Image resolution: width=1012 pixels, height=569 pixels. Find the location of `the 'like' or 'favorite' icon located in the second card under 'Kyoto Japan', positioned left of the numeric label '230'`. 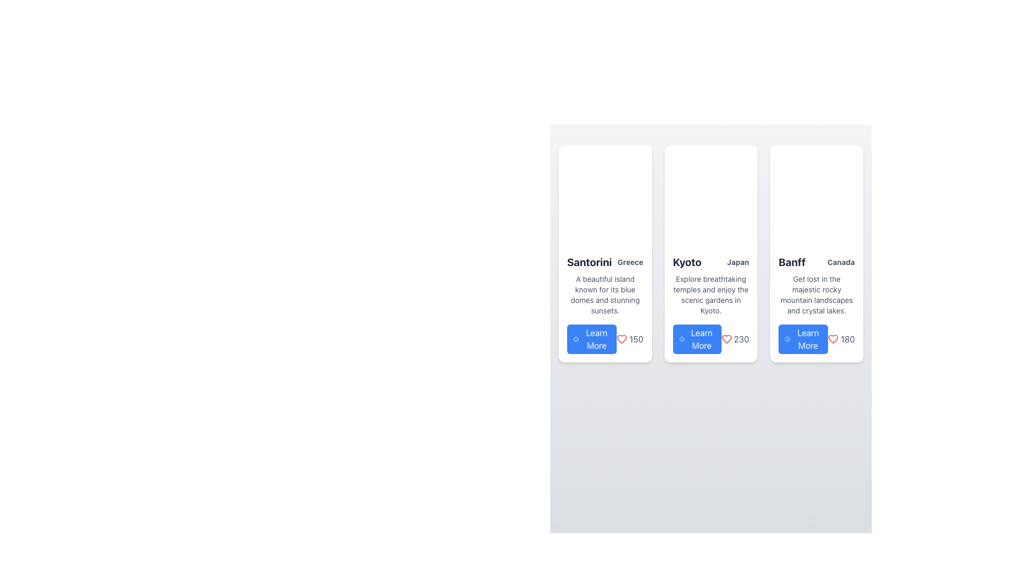

the 'like' or 'favorite' icon located in the second card under 'Kyoto Japan', positioned left of the numeric label '230' is located at coordinates (726, 339).